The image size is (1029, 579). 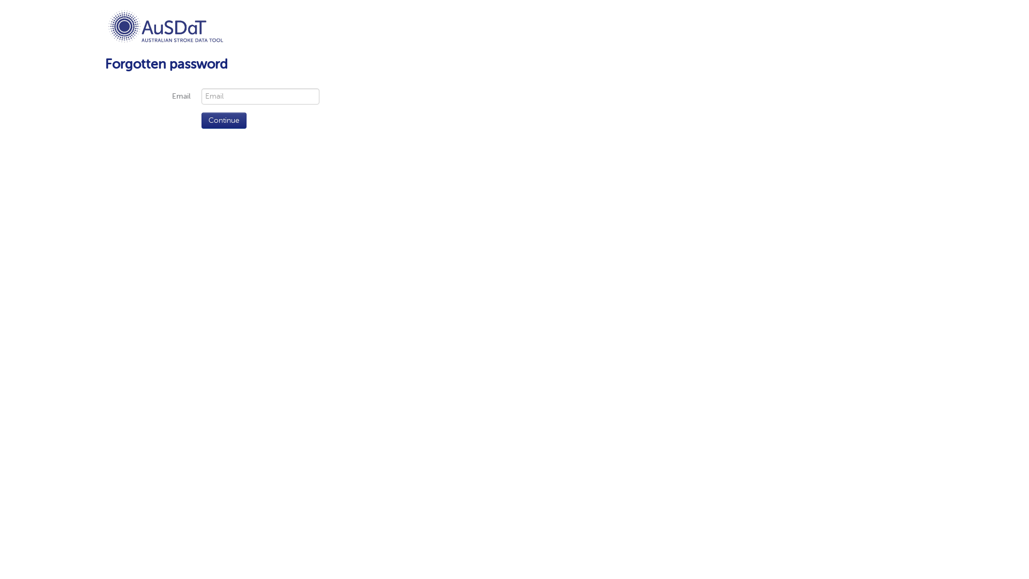 What do you see at coordinates (223, 120) in the screenshot?
I see `'Continue'` at bounding box center [223, 120].